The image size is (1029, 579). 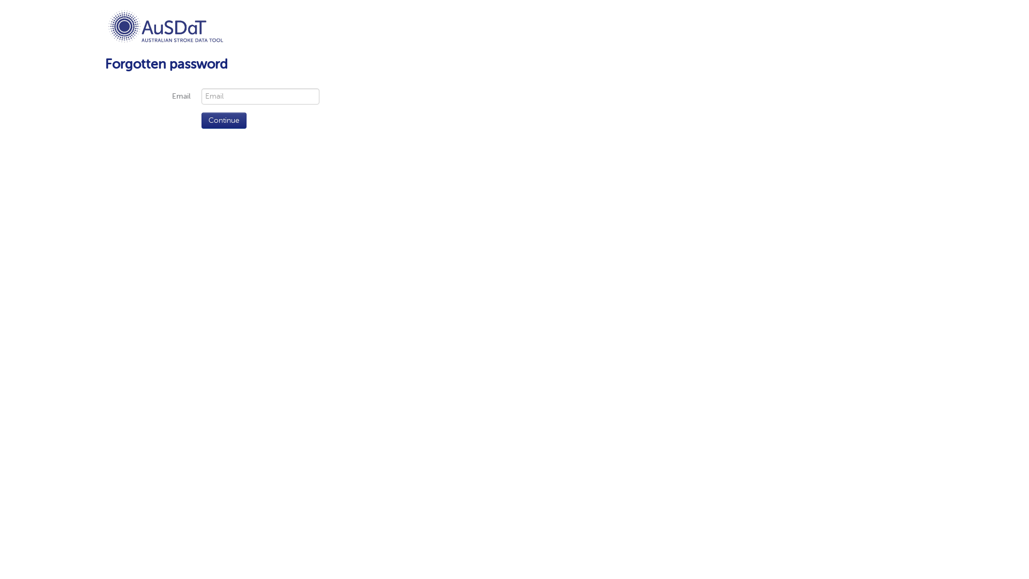 What do you see at coordinates (223, 120) in the screenshot?
I see `'Continue'` at bounding box center [223, 120].